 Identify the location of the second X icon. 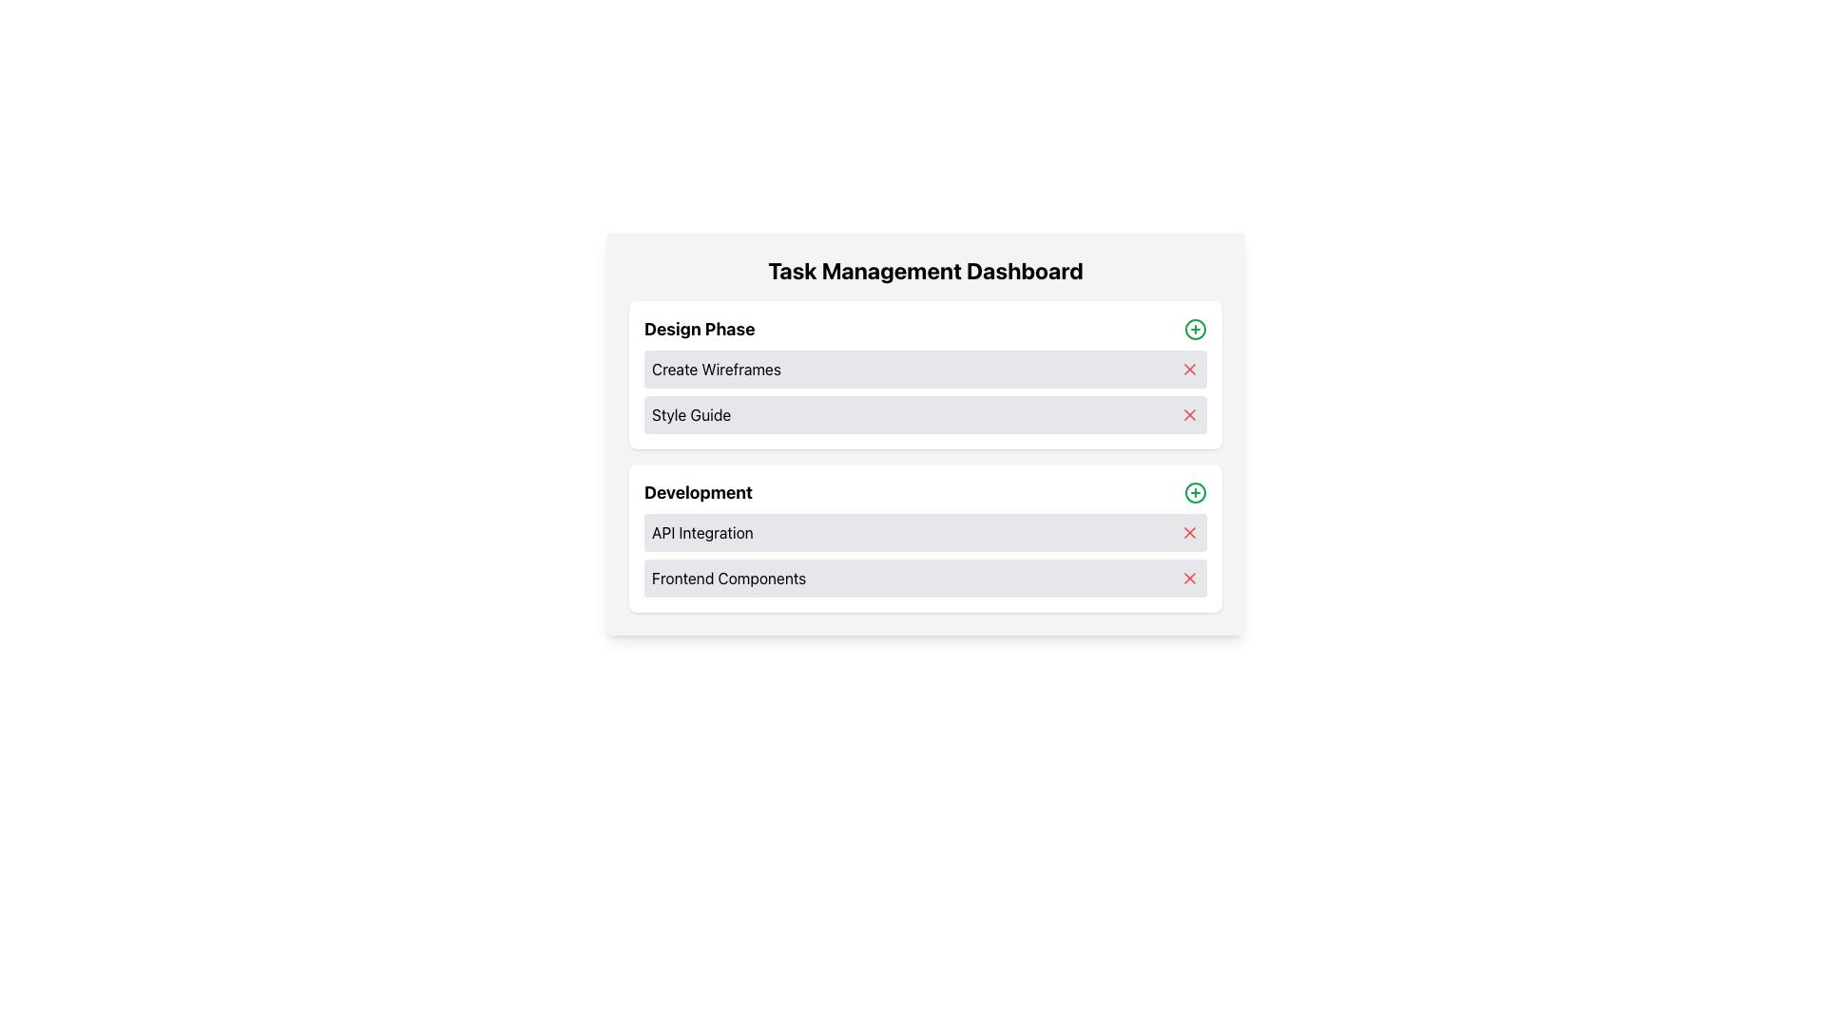
(1189, 413).